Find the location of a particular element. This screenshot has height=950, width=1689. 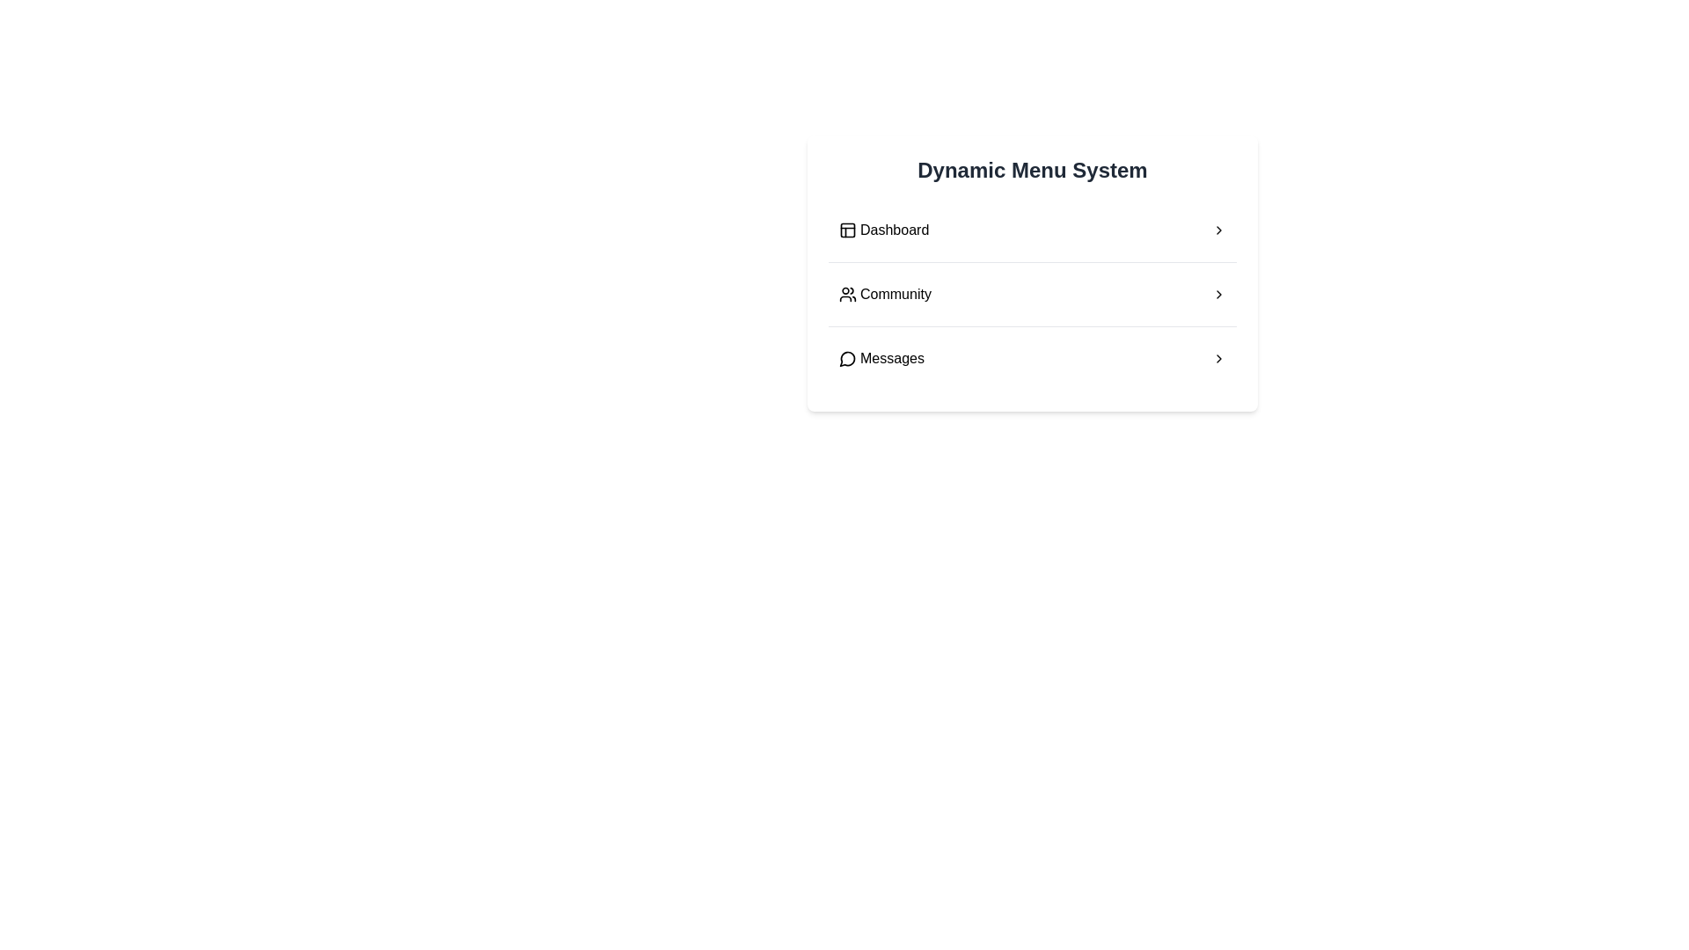

the Chevron icon on the right edge of the 'Dashboard' row is located at coordinates (1218, 230).